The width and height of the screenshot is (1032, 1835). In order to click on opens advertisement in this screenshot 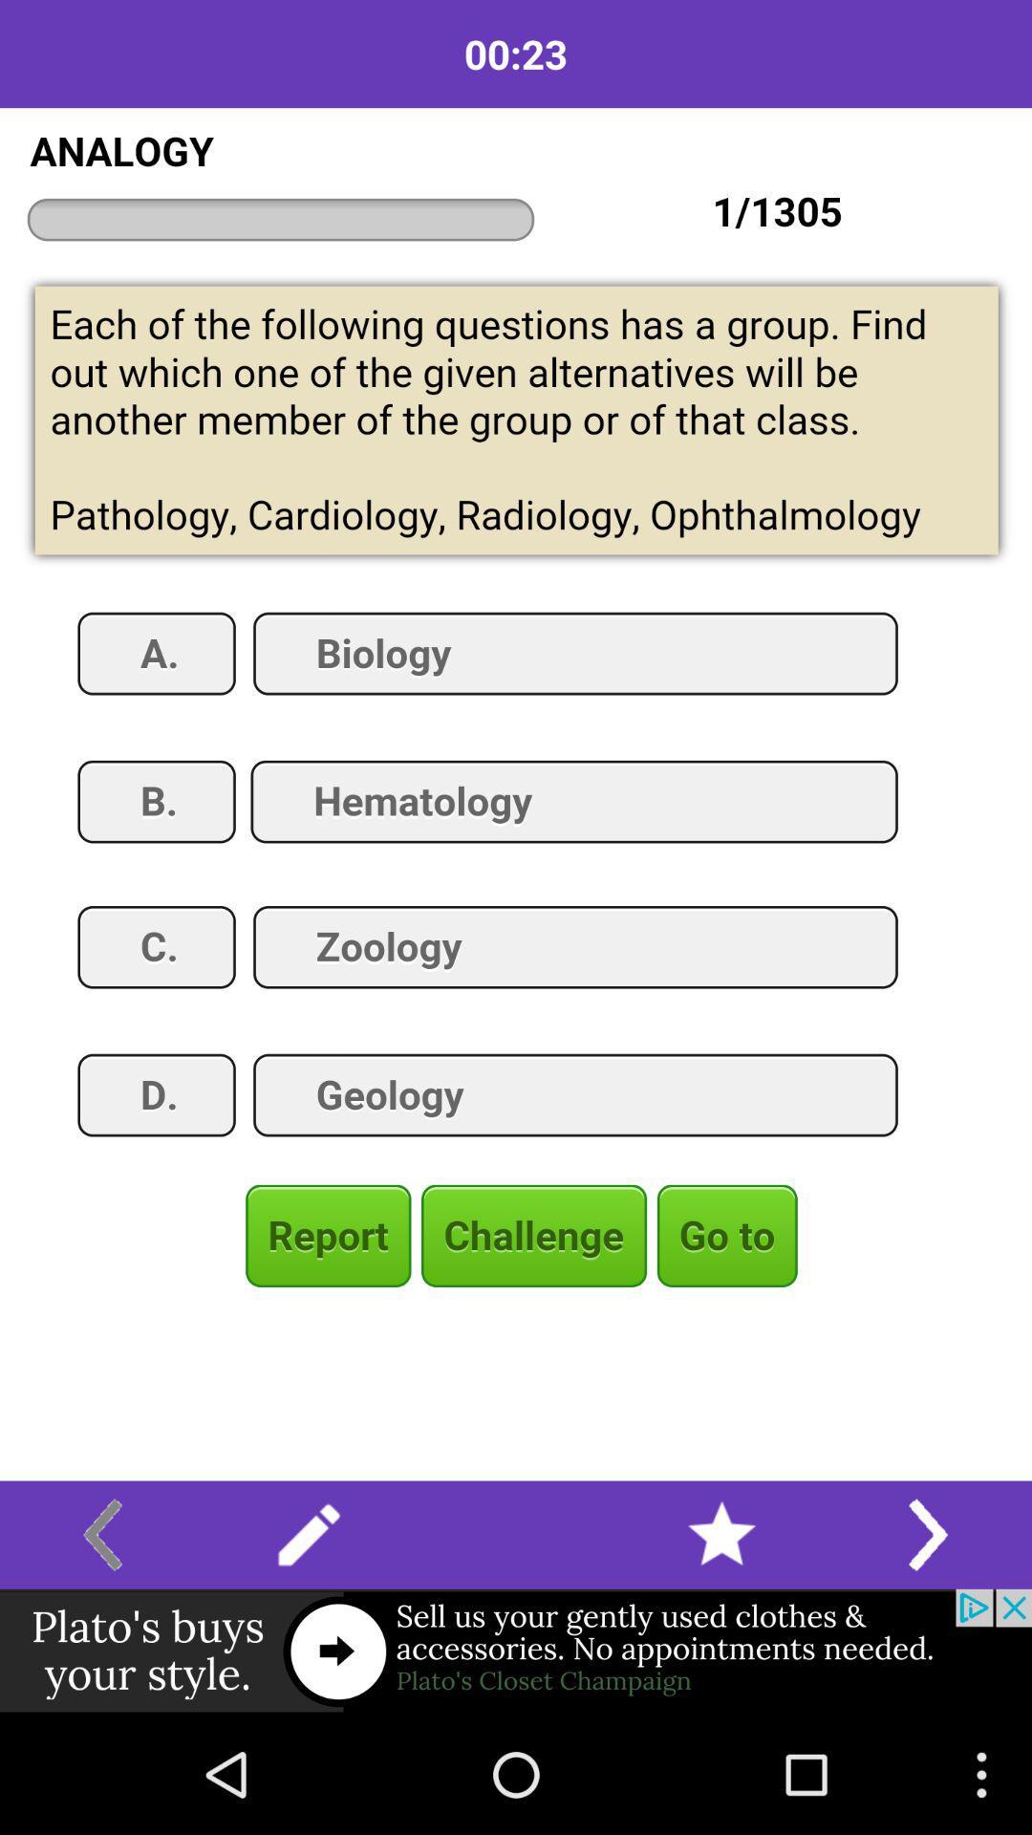, I will do `click(516, 1651)`.